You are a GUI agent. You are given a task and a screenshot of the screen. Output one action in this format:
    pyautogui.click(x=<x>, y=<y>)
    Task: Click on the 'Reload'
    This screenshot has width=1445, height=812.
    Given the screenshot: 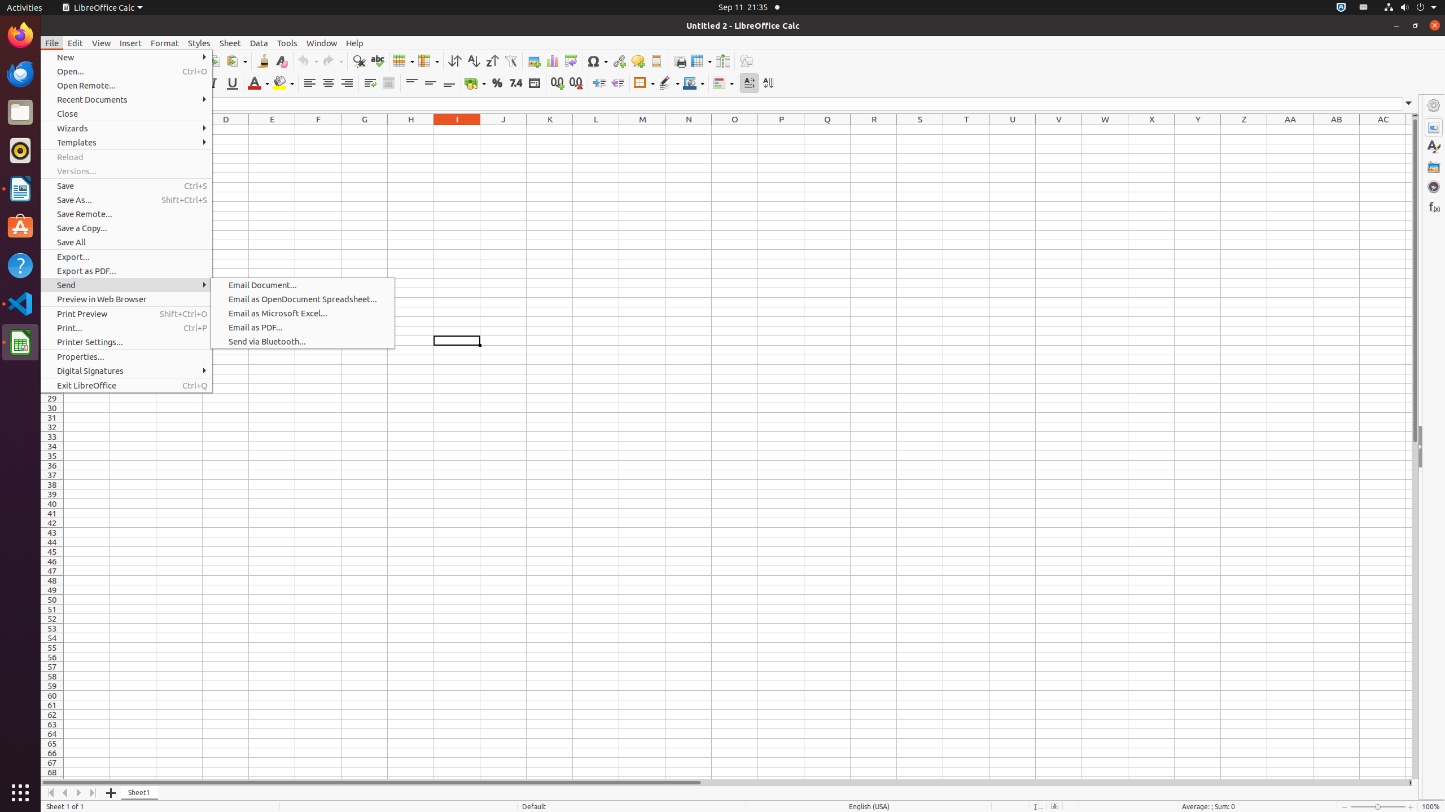 What is the action you would take?
    pyautogui.click(x=126, y=156)
    